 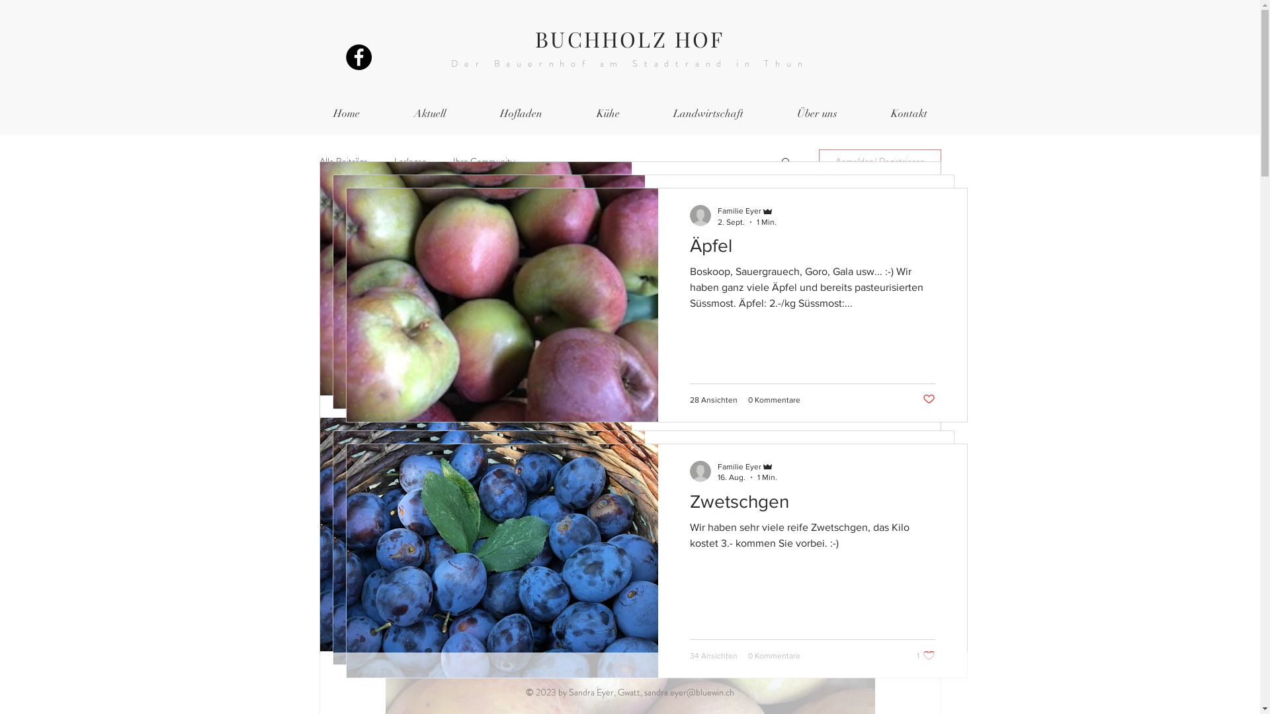 What do you see at coordinates (628, 38) in the screenshot?
I see `'BUCHHOLZ HOF'` at bounding box center [628, 38].